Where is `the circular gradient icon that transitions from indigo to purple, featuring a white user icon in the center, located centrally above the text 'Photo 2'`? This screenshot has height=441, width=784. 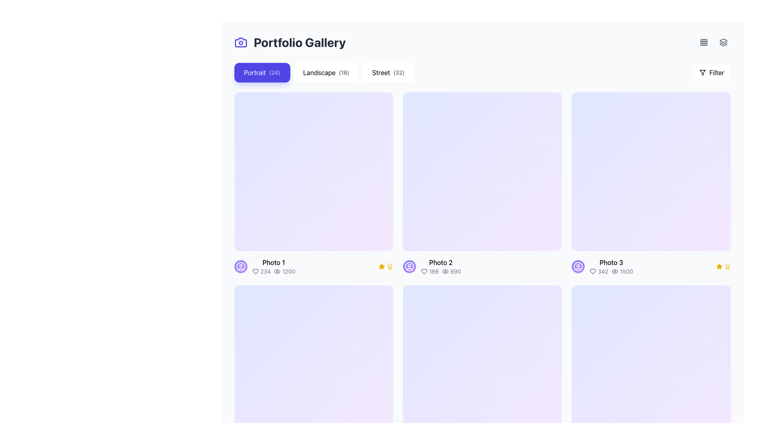 the circular gradient icon that transitions from indigo to purple, featuring a white user icon in the center, located centrally above the text 'Photo 2' is located at coordinates (409, 267).